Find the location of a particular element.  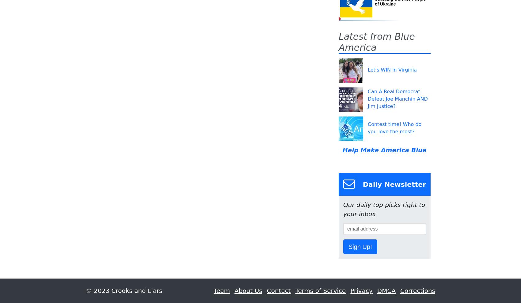

'About Us' is located at coordinates (248, 290).